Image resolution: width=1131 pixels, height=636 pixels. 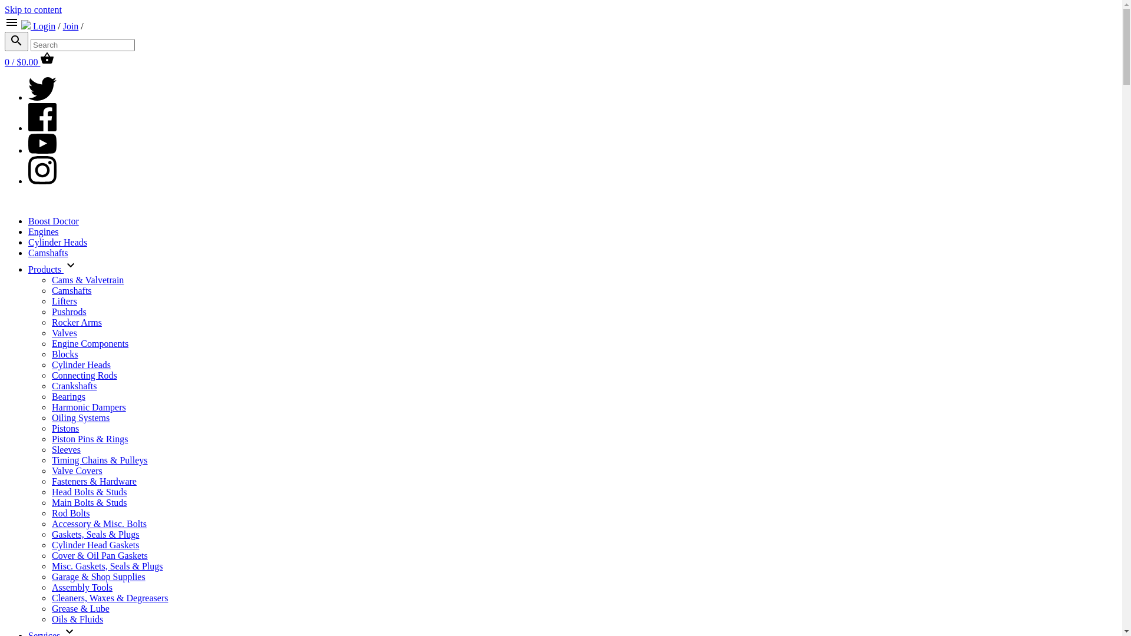 What do you see at coordinates (42, 150) in the screenshot?
I see `'Youtube'` at bounding box center [42, 150].